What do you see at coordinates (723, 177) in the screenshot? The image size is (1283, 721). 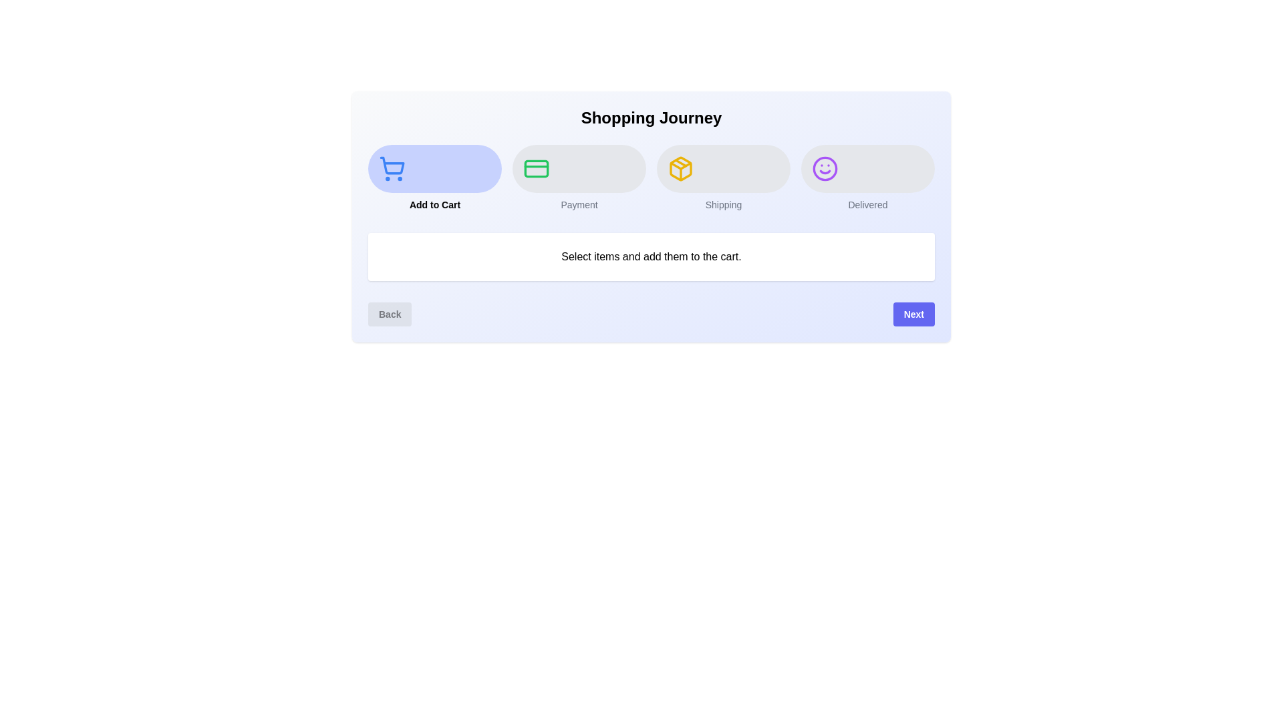 I see `the step indicator corresponding to Shipping` at bounding box center [723, 177].